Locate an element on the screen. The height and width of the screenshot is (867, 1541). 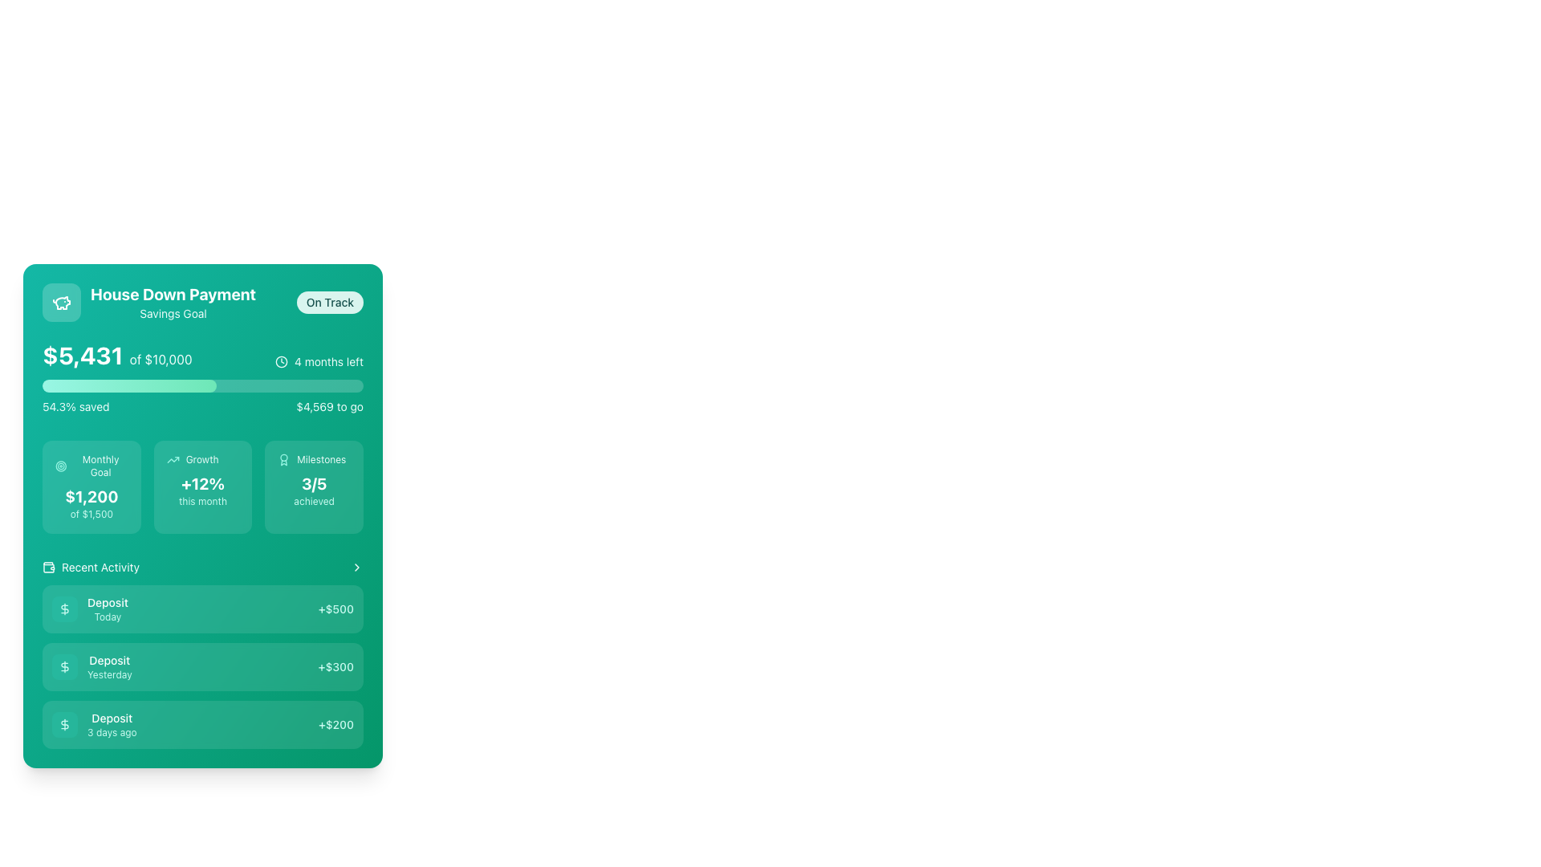
text of the descriptive label located directly below the 'House Down Payment' heading, which serves as additional context for the section is located at coordinates (173, 313).